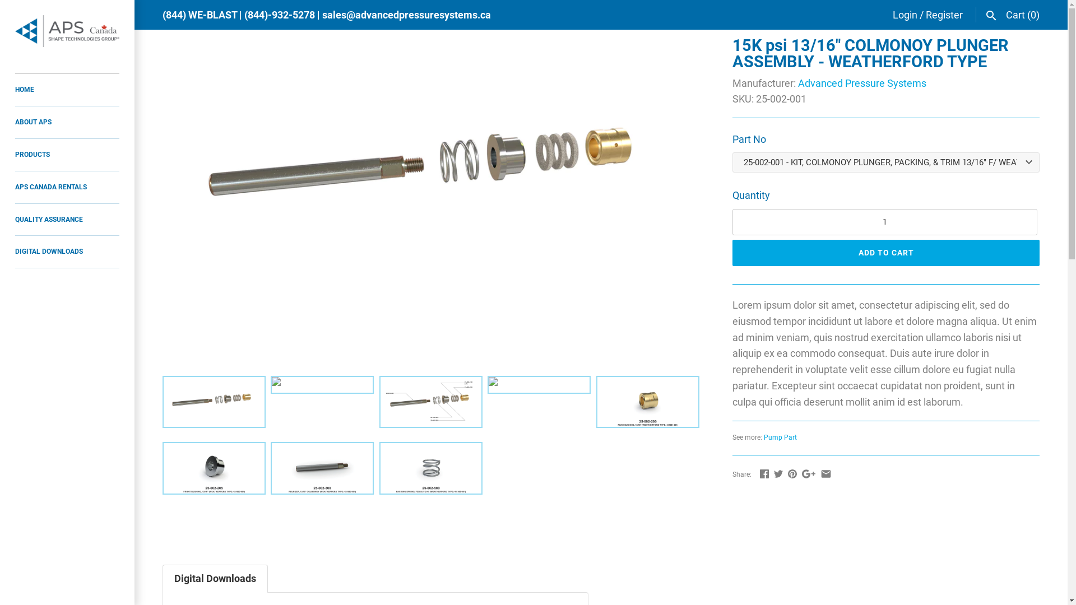 This screenshot has height=605, width=1076. Describe the element at coordinates (825, 473) in the screenshot. I see `'Email'` at that location.